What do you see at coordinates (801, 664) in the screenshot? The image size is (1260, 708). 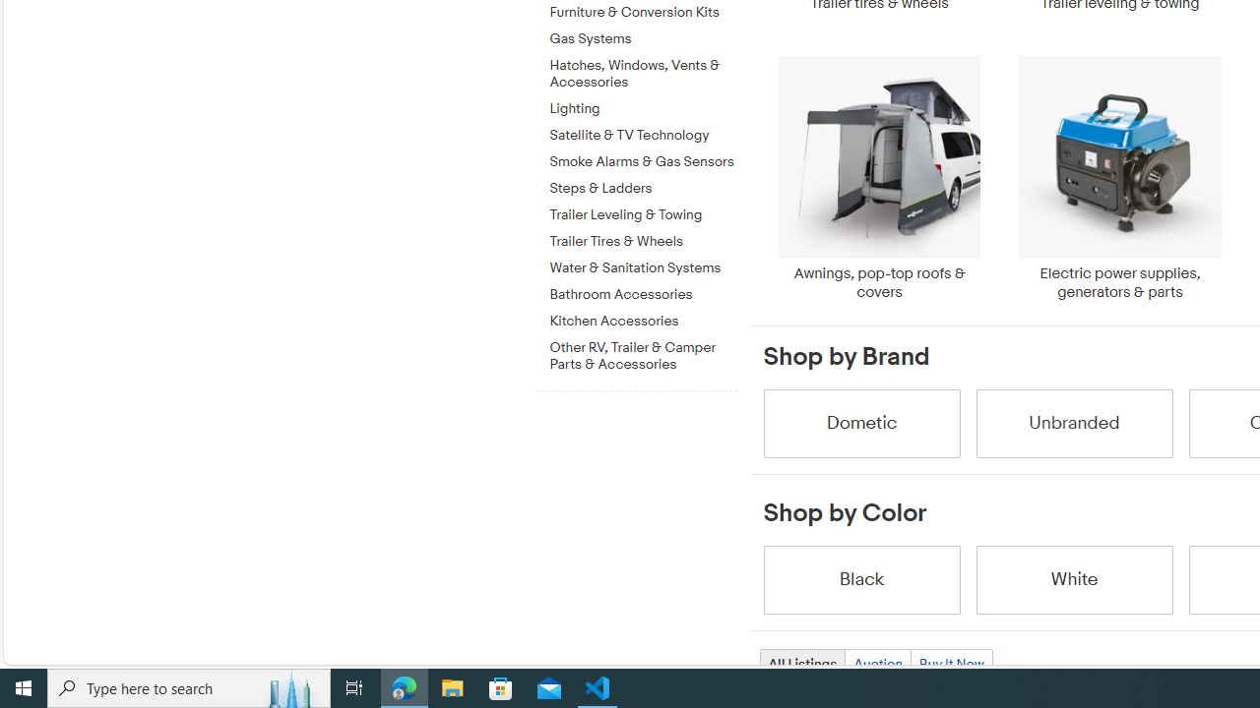 I see `'All Listings'` at bounding box center [801, 664].